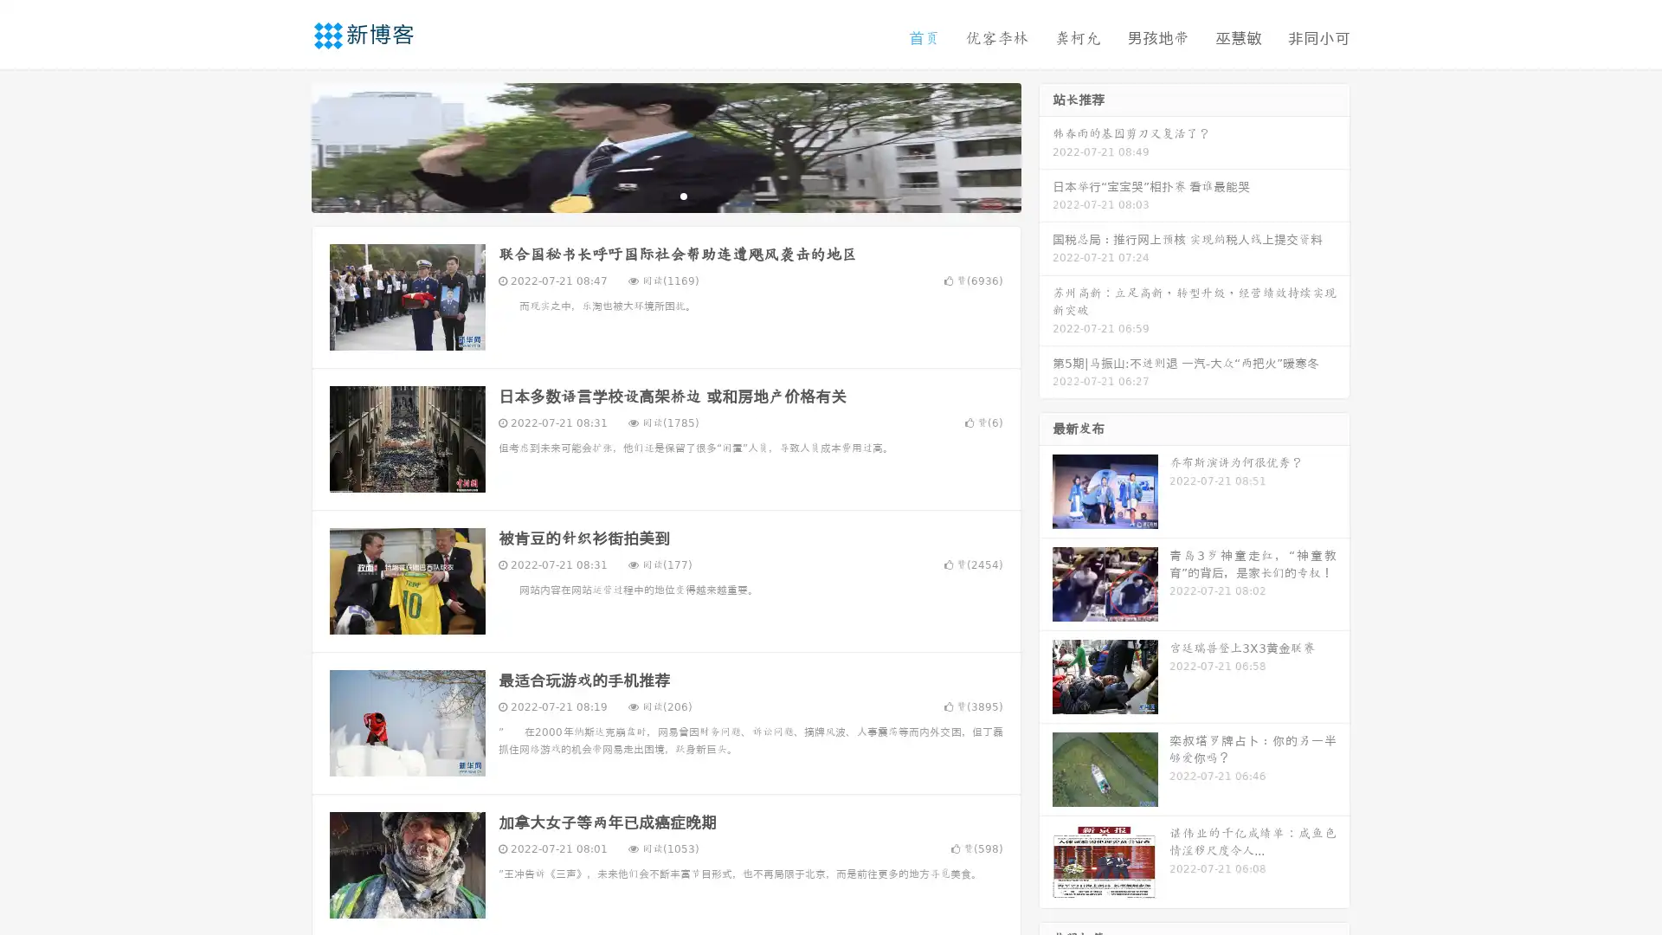  What do you see at coordinates (647, 195) in the screenshot?
I see `Go to slide 1` at bounding box center [647, 195].